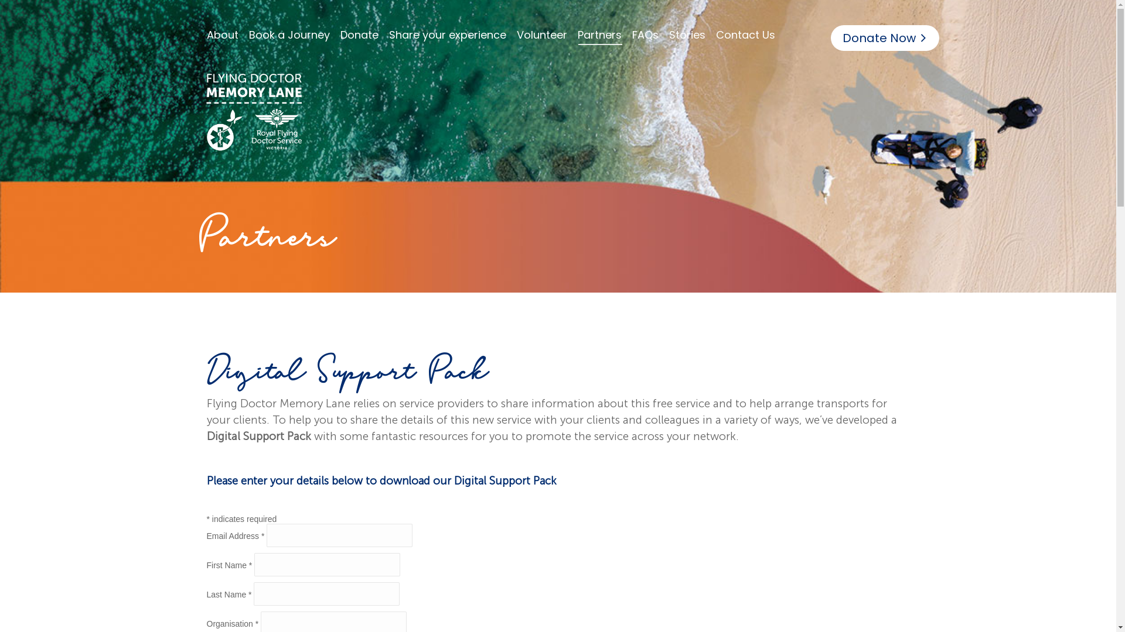  I want to click on 'Book a Journey', so click(247, 35).